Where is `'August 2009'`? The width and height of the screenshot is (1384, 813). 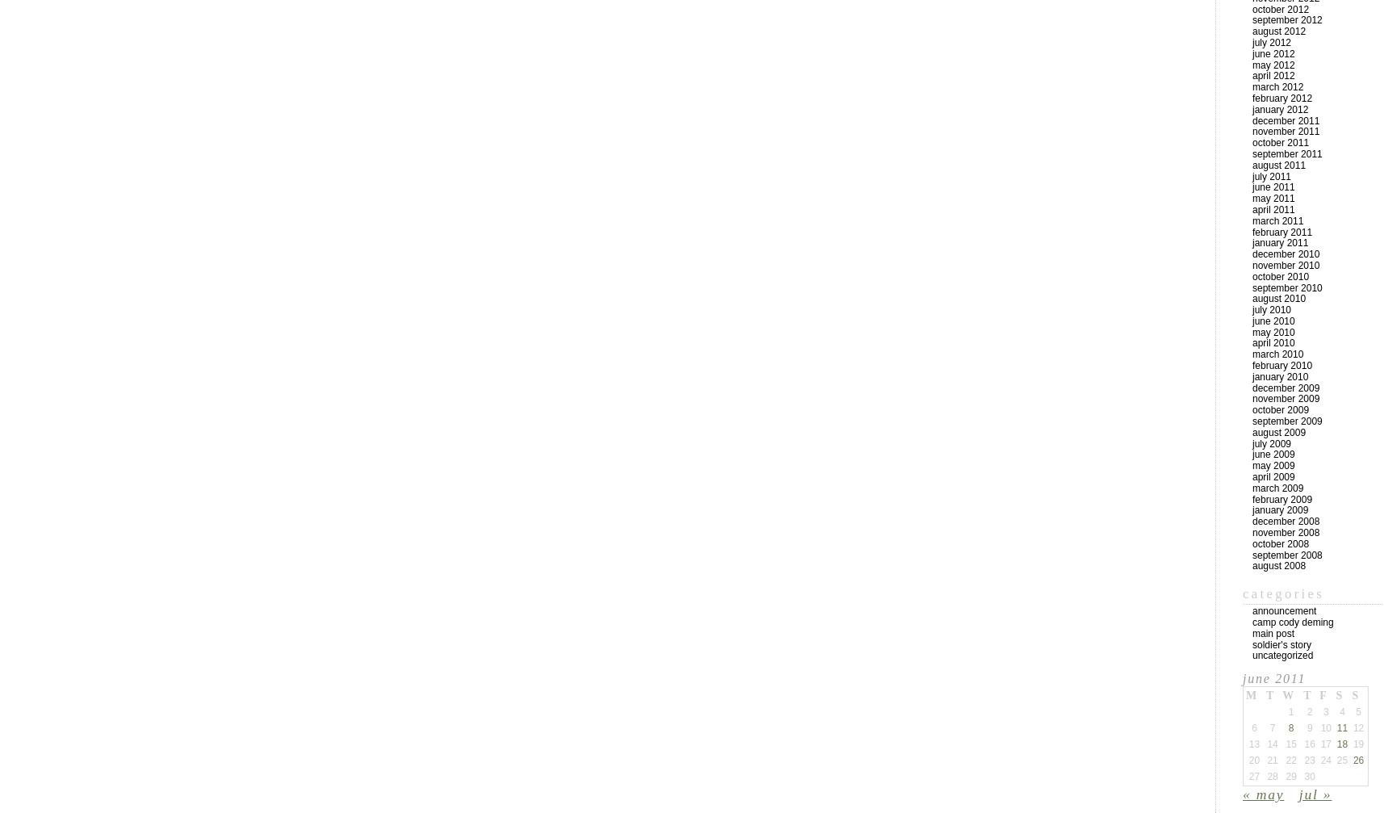 'August 2009' is located at coordinates (1278, 431).